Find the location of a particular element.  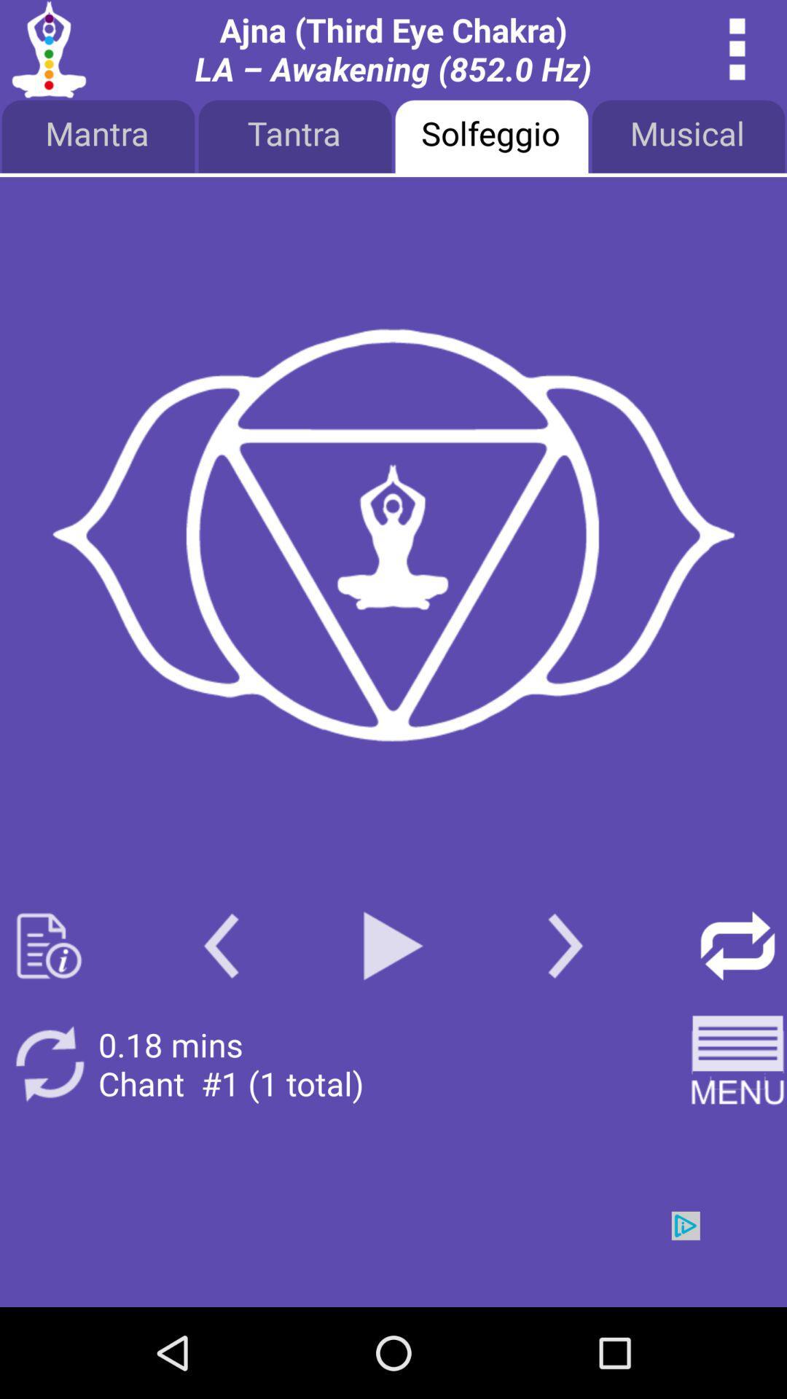

next button is located at coordinates (565, 946).